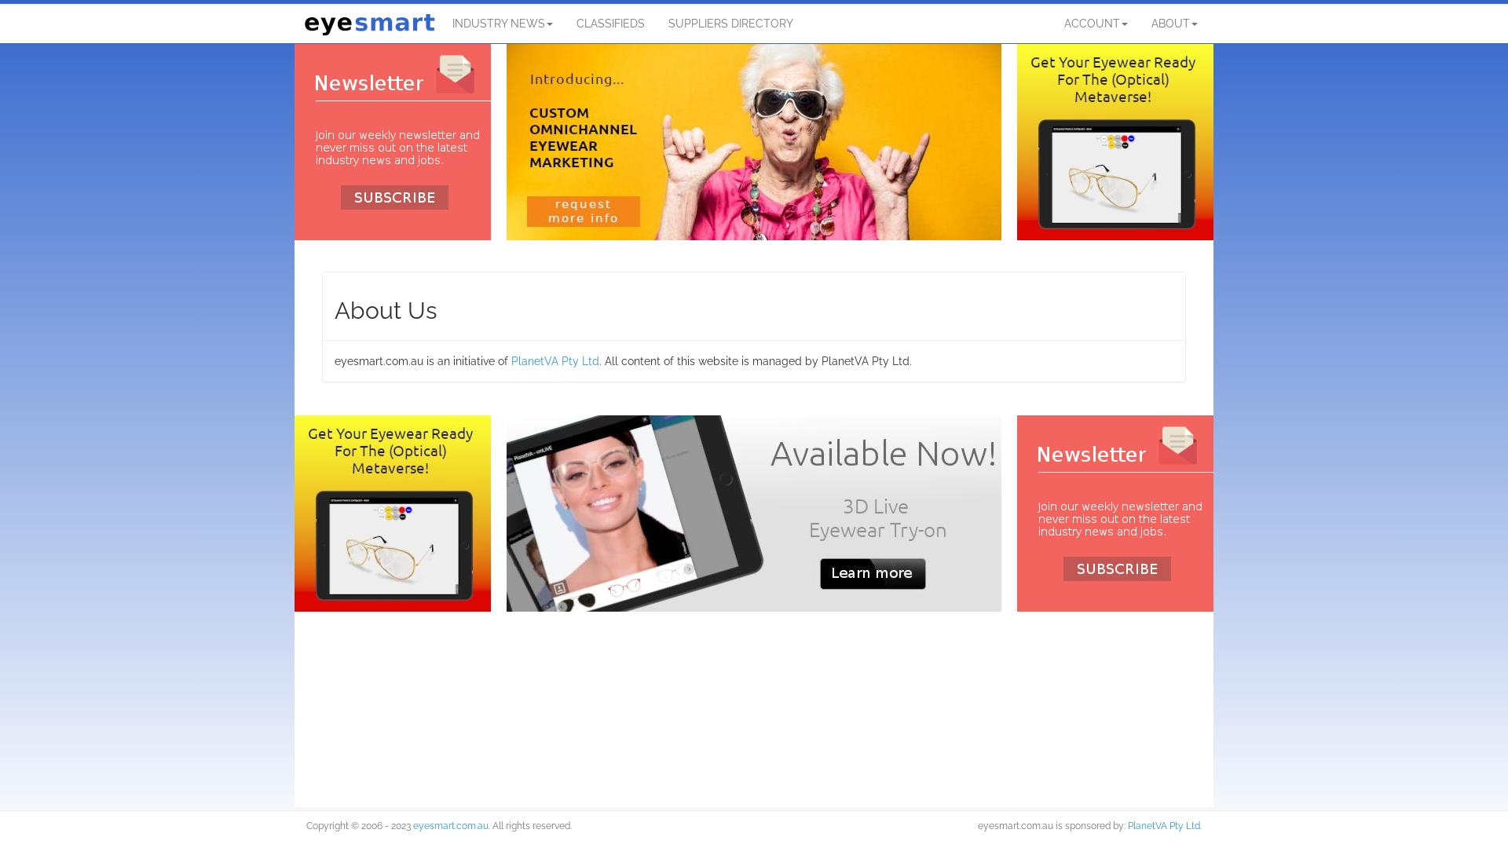 The height and width of the screenshot is (848, 1508). What do you see at coordinates (565, 24) in the screenshot?
I see `'CLASSIFIEDS'` at bounding box center [565, 24].